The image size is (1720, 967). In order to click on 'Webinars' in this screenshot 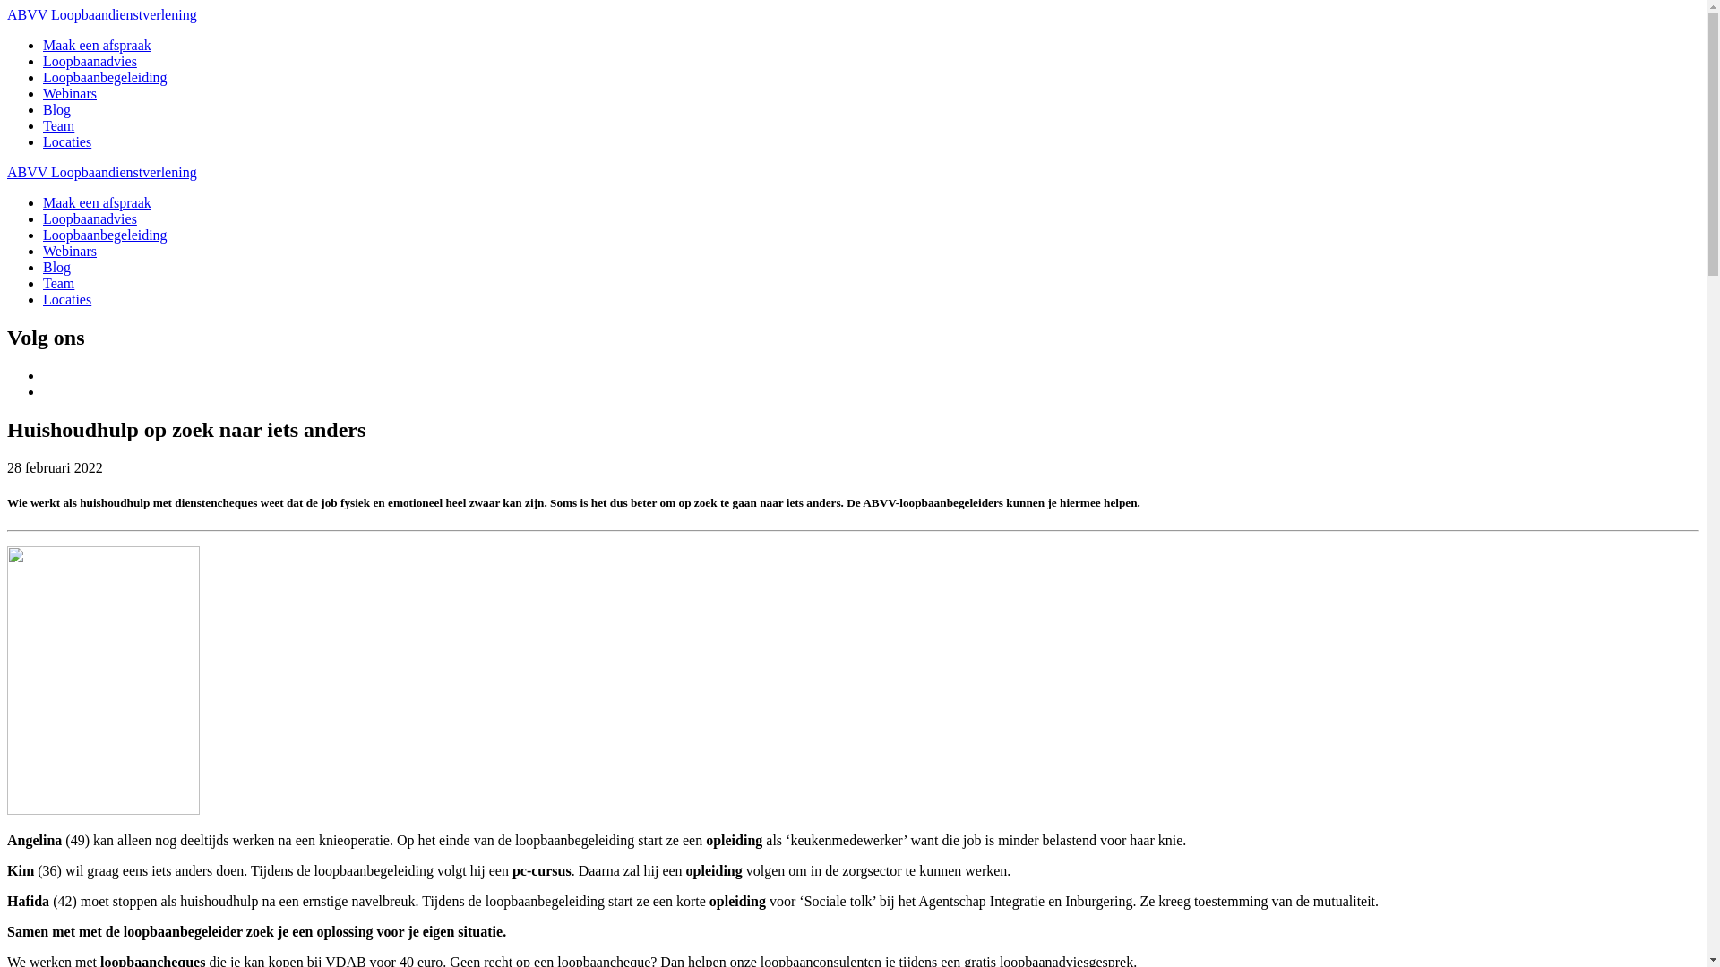, I will do `click(69, 93)`.